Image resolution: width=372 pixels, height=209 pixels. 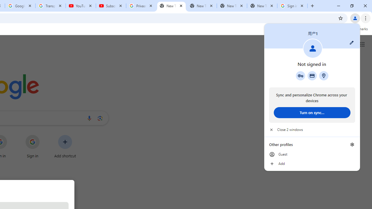 What do you see at coordinates (312, 129) in the screenshot?
I see `'Close 2 windows'` at bounding box center [312, 129].